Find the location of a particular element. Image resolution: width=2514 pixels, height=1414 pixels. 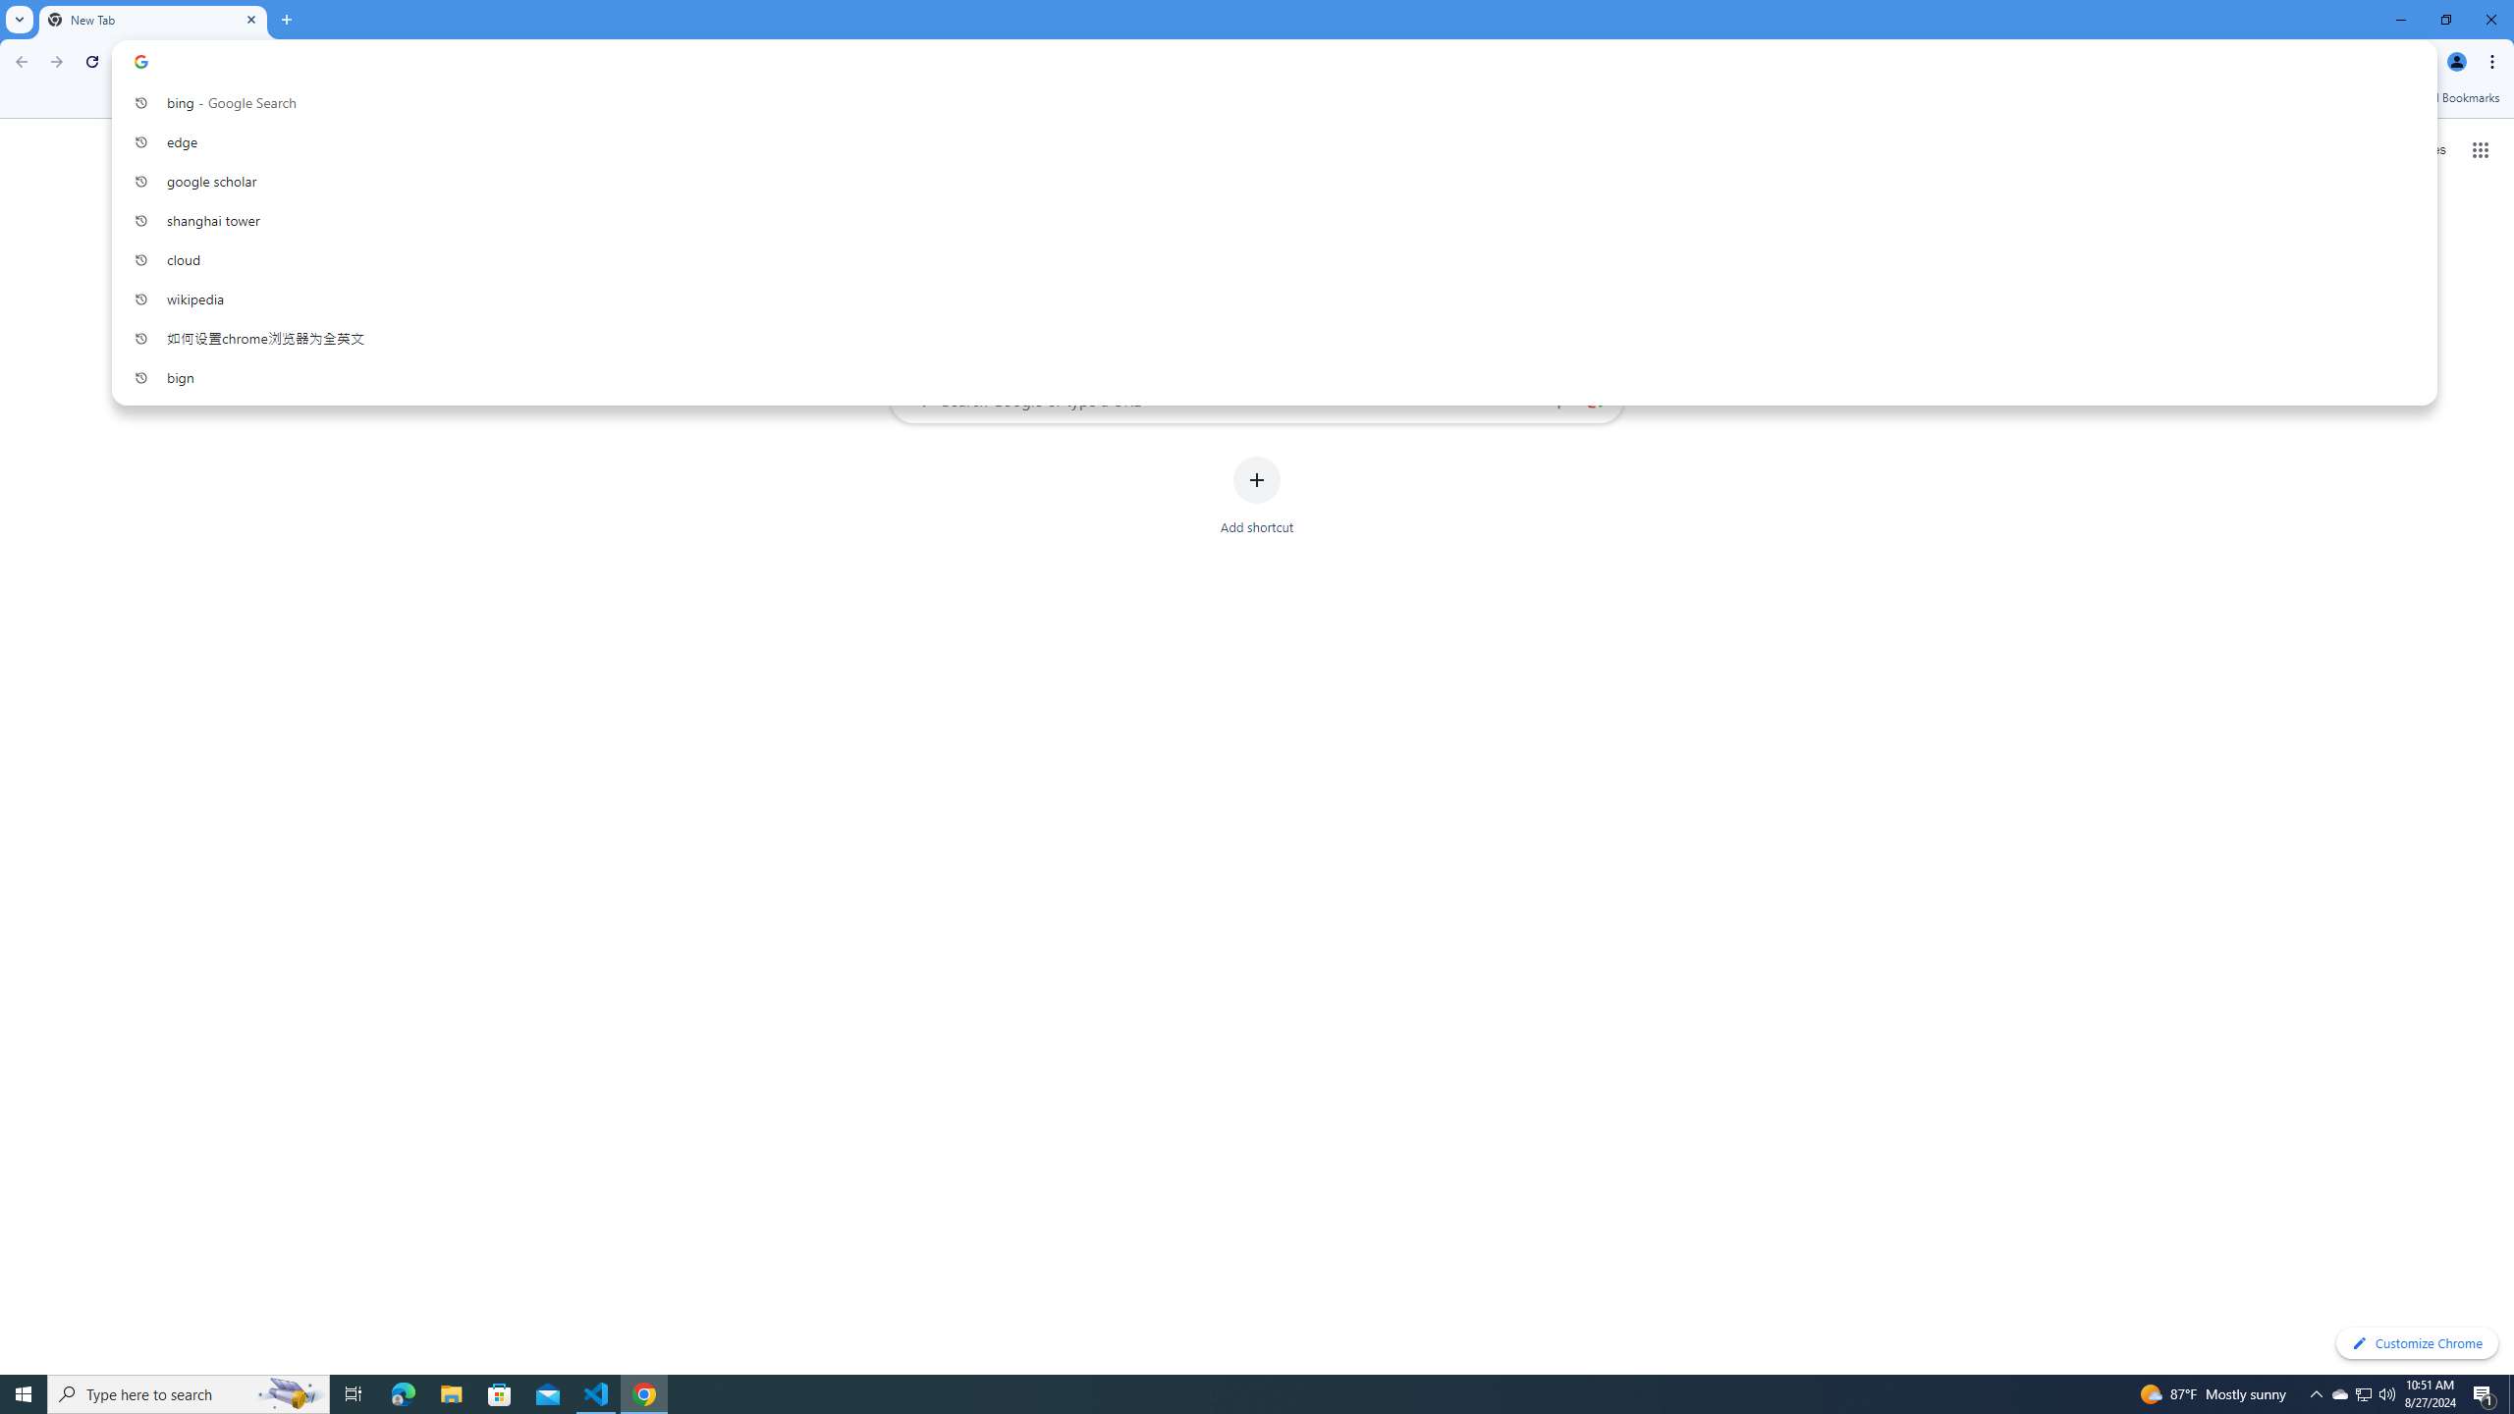

'All Bookmarks' is located at coordinates (2449, 97).